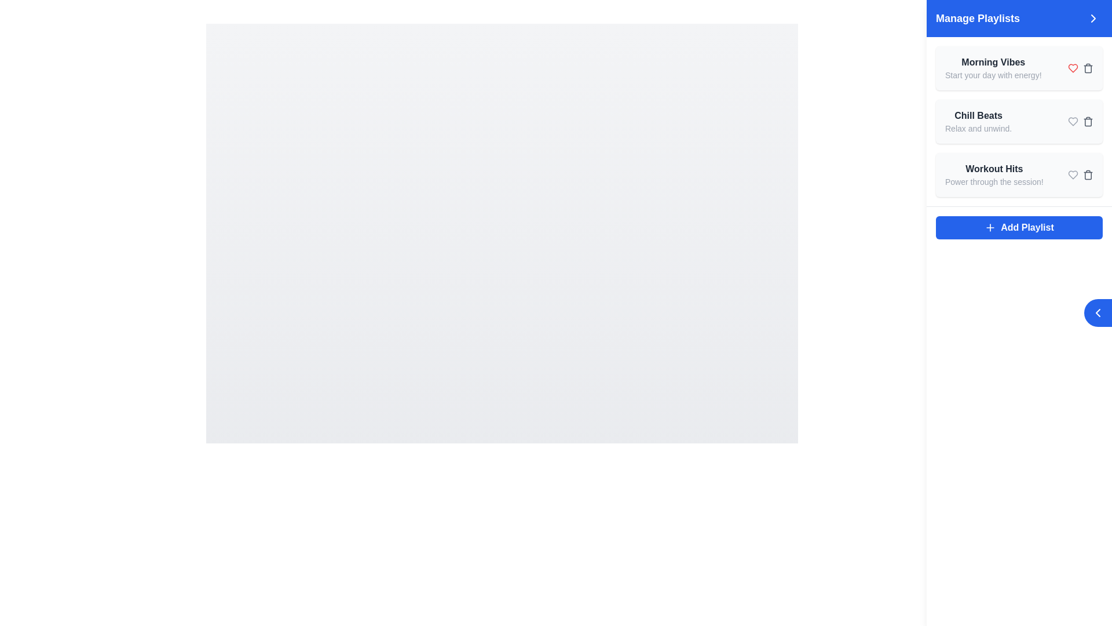  Describe the element at coordinates (1087, 121) in the screenshot. I see `the interactive trash bin icon button located at the far right of the interactive controls, which opens a context menu for deletion options` at that location.